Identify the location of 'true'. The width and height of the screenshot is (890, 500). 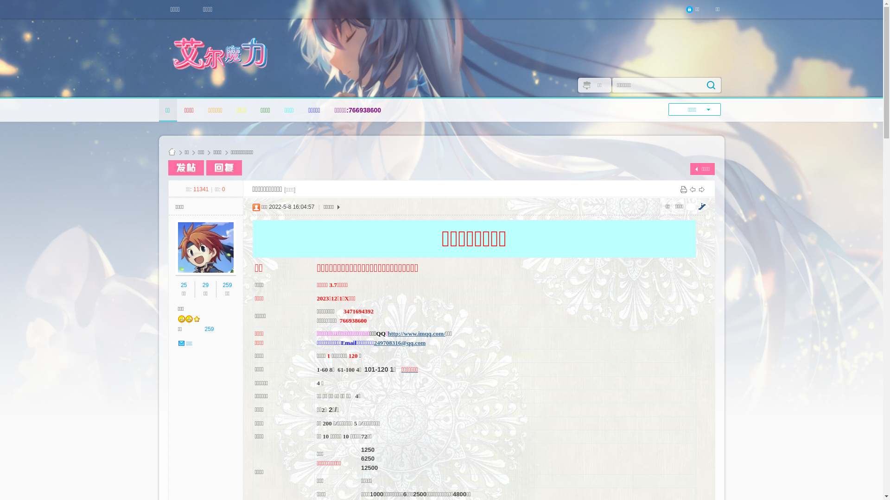
(710, 85).